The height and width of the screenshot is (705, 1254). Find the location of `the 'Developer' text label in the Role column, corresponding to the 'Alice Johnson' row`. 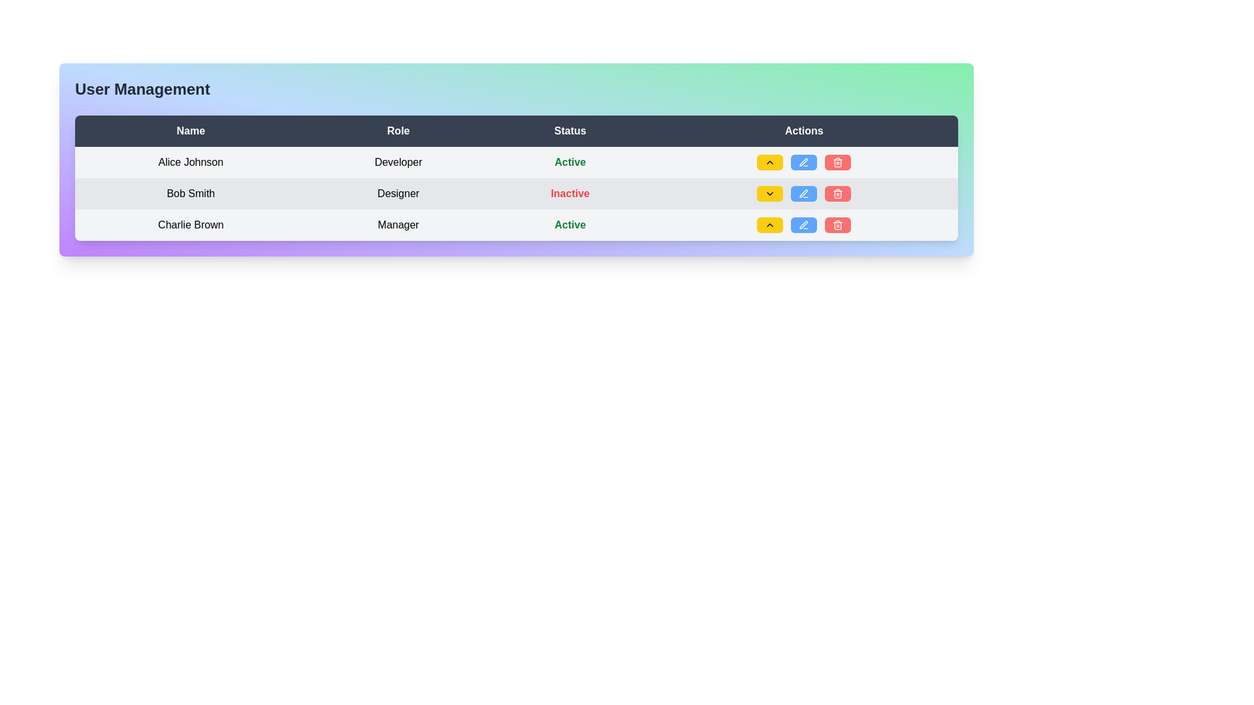

the 'Developer' text label in the Role column, corresponding to the 'Alice Johnson' row is located at coordinates (398, 162).